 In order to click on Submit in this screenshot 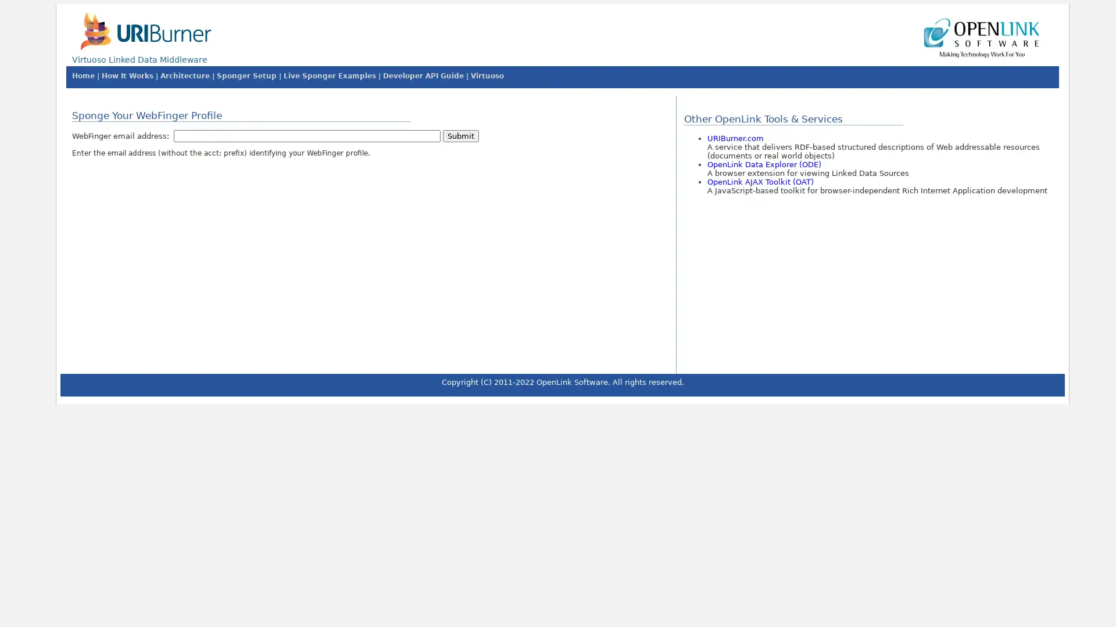, I will do `click(460, 135)`.